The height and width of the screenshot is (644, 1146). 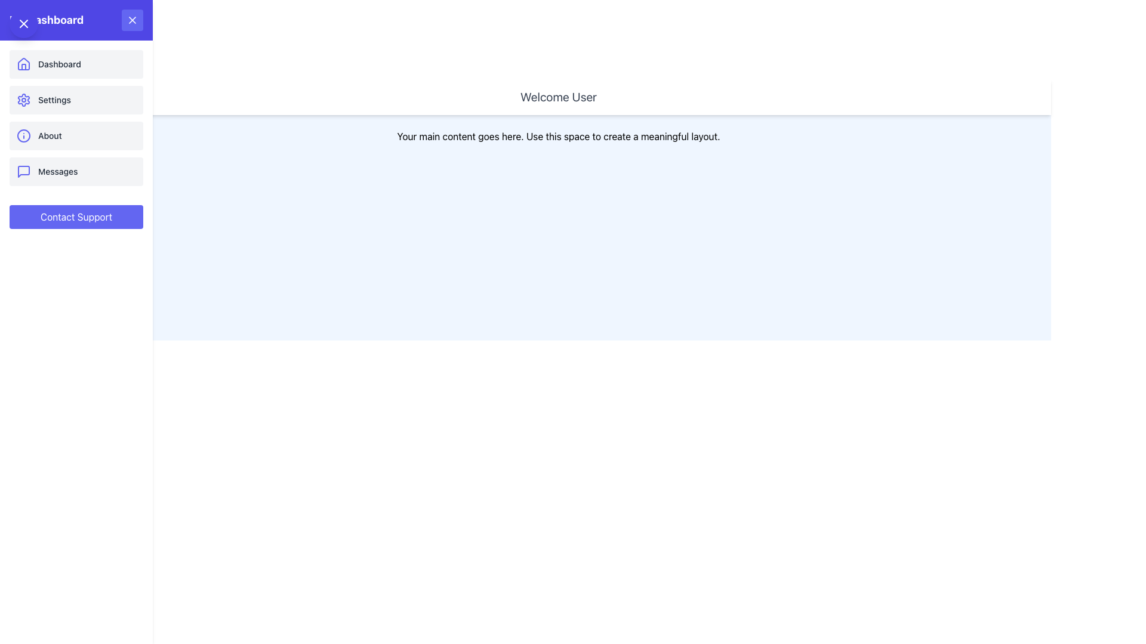 I want to click on the 'Settings' button in the sidebar menu to trigger the hover effects, so click(x=76, y=100).